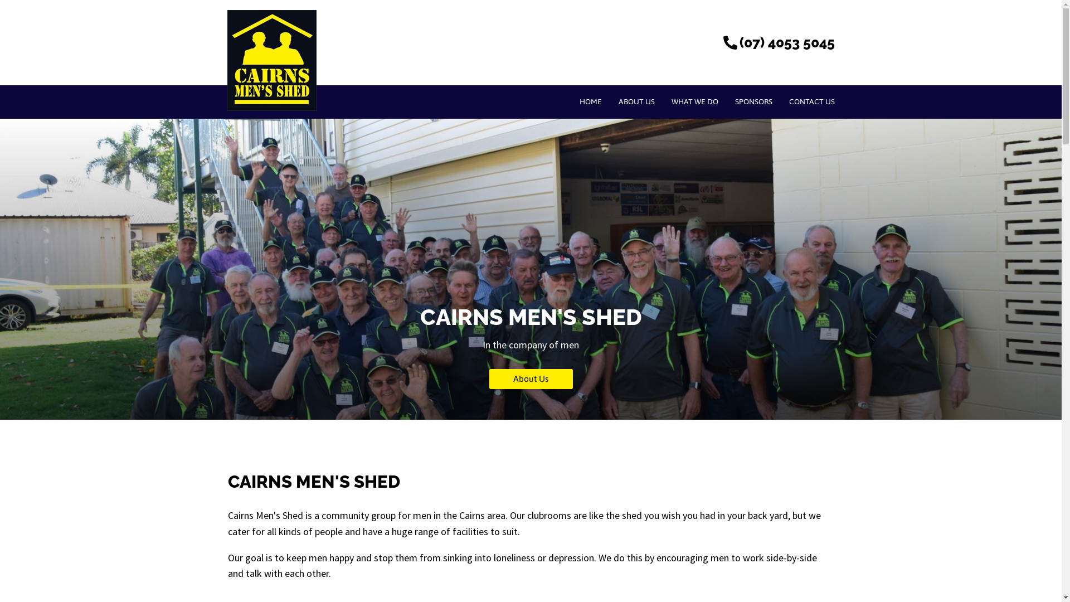 Image resolution: width=1070 pixels, height=602 pixels. Describe the element at coordinates (694, 101) in the screenshot. I see `'WHAT WE DO'` at that location.